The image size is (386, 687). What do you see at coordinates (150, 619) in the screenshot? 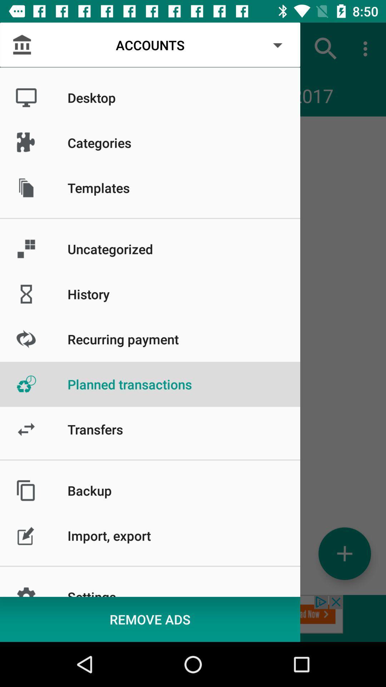
I see `icon below the settings icon` at bounding box center [150, 619].